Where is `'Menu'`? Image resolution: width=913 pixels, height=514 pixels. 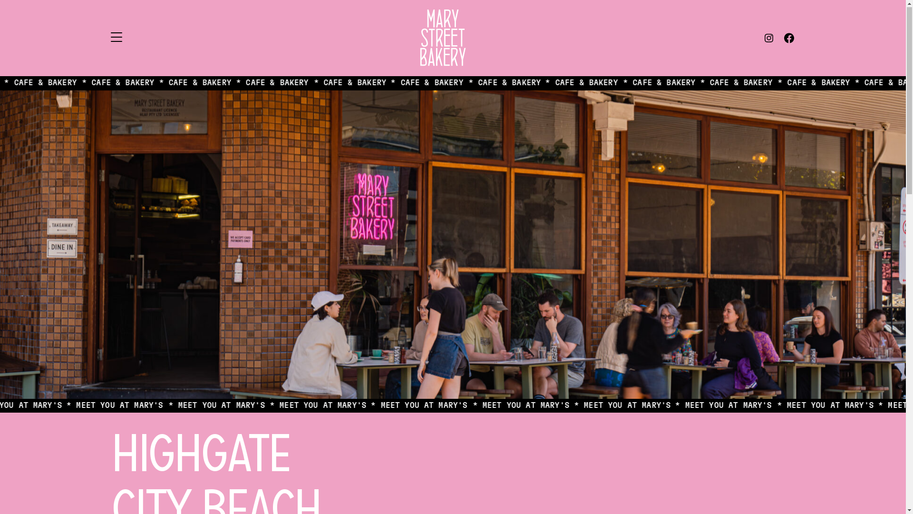
'Menu' is located at coordinates (116, 38).